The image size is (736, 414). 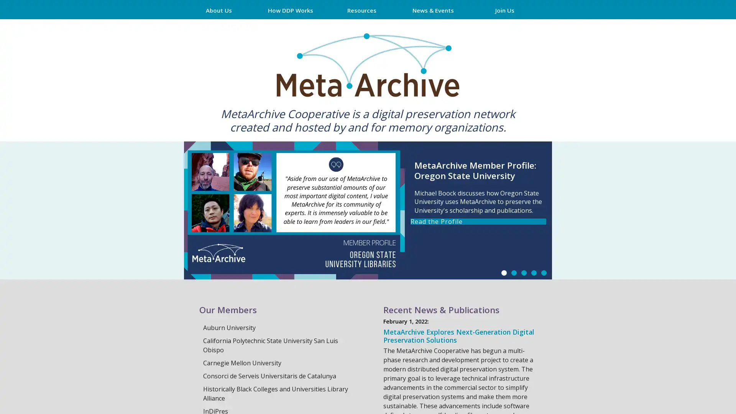 What do you see at coordinates (544, 273) in the screenshot?
I see `Go to slide 5` at bounding box center [544, 273].